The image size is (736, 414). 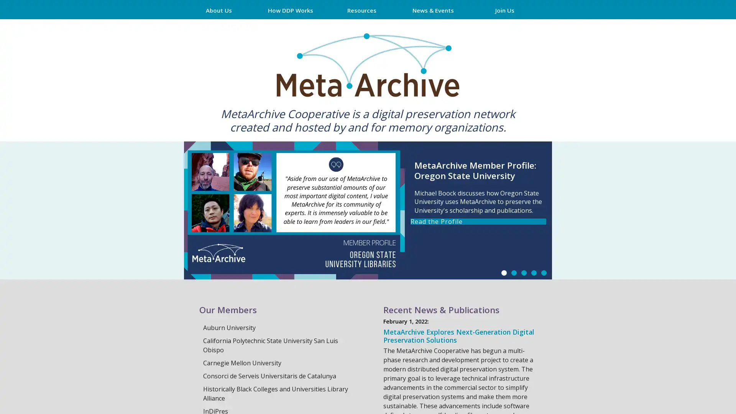 What do you see at coordinates (544, 273) in the screenshot?
I see `Go to slide 5` at bounding box center [544, 273].